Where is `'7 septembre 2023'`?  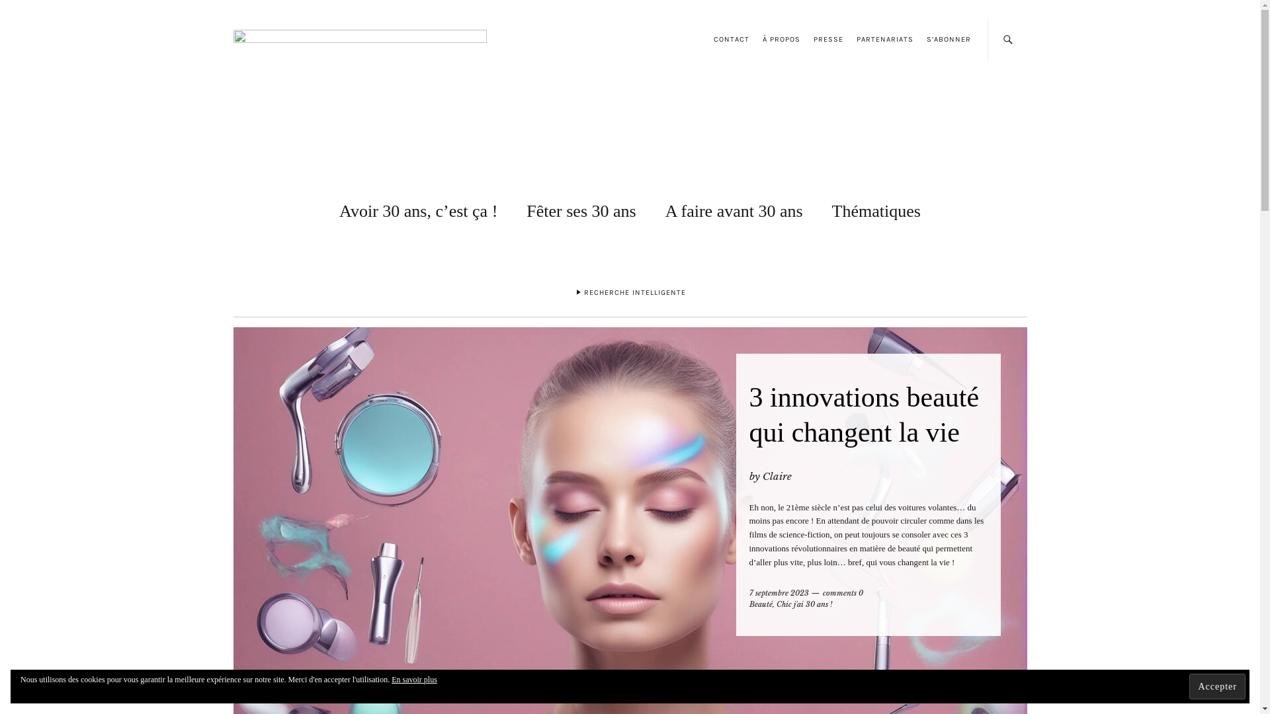 '7 septembre 2023' is located at coordinates (778, 592).